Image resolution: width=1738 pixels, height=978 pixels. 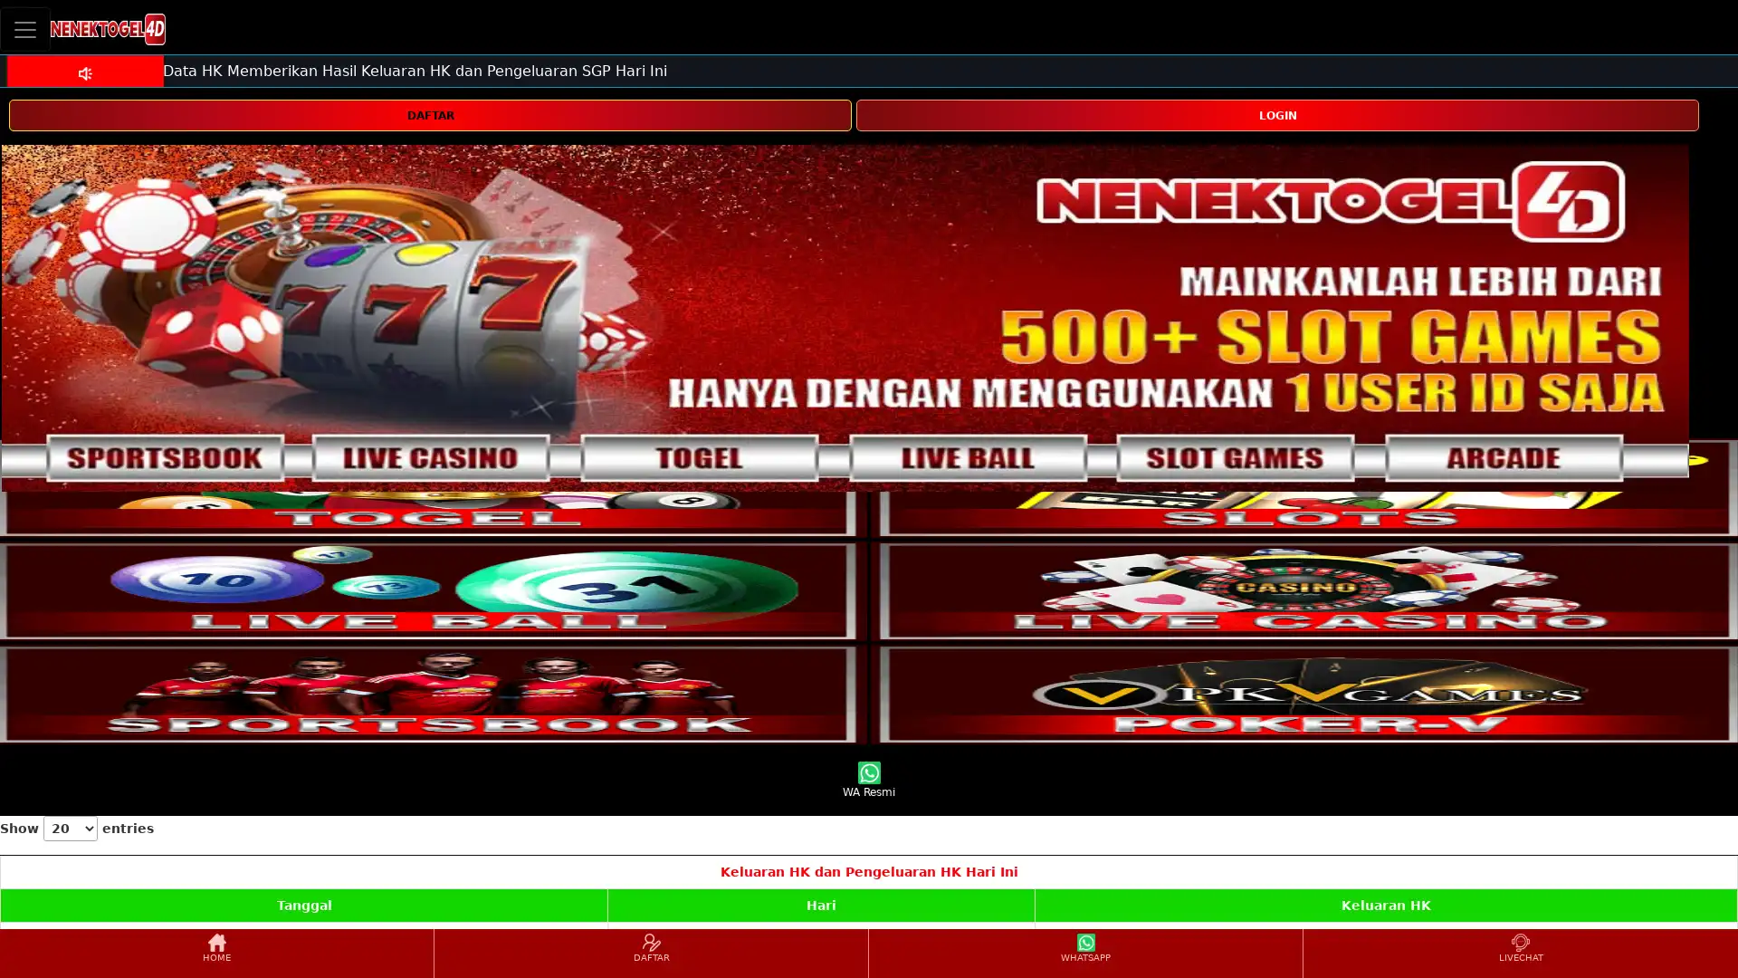 I want to click on DAFTAR, so click(x=429, y=115).